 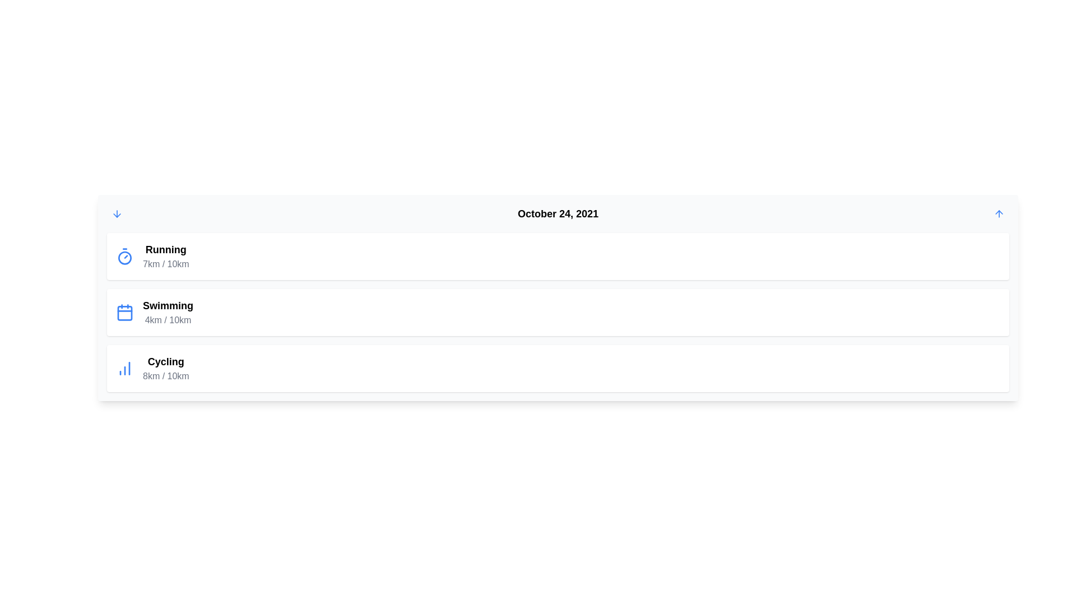 What do you see at coordinates (168, 320) in the screenshot?
I see `the text label that indicates the progress of swimming (4km out of 10km) located in the 'Swimming' section, directly below the title` at bounding box center [168, 320].